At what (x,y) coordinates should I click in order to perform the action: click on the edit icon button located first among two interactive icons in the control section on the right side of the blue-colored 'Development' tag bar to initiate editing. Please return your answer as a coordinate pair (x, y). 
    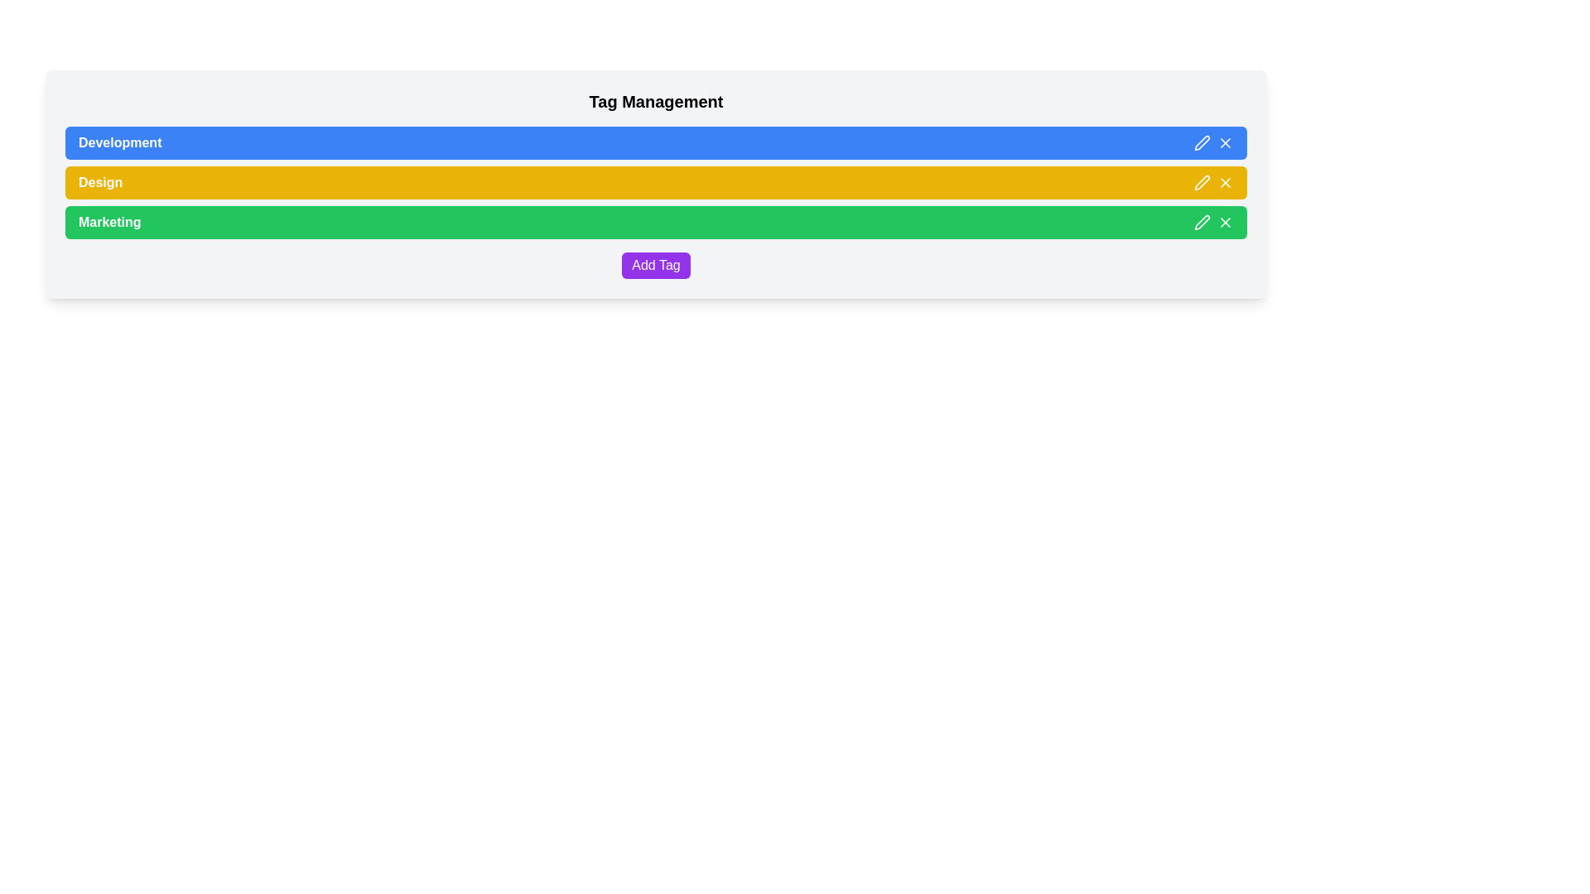
    Looking at the image, I should click on (1202, 142).